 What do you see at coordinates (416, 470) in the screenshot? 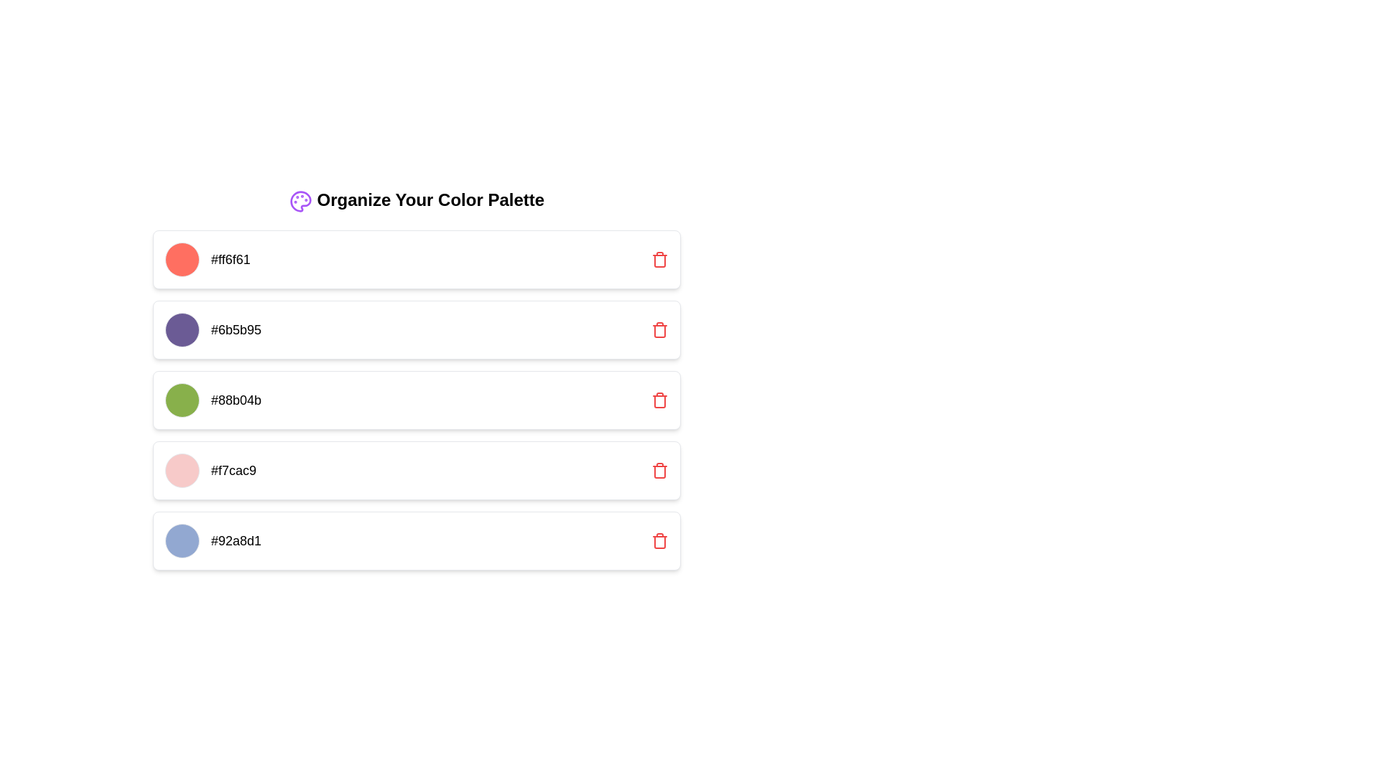
I see `the color card with the text '#f7cac9' and delete icon` at bounding box center [416, 470].